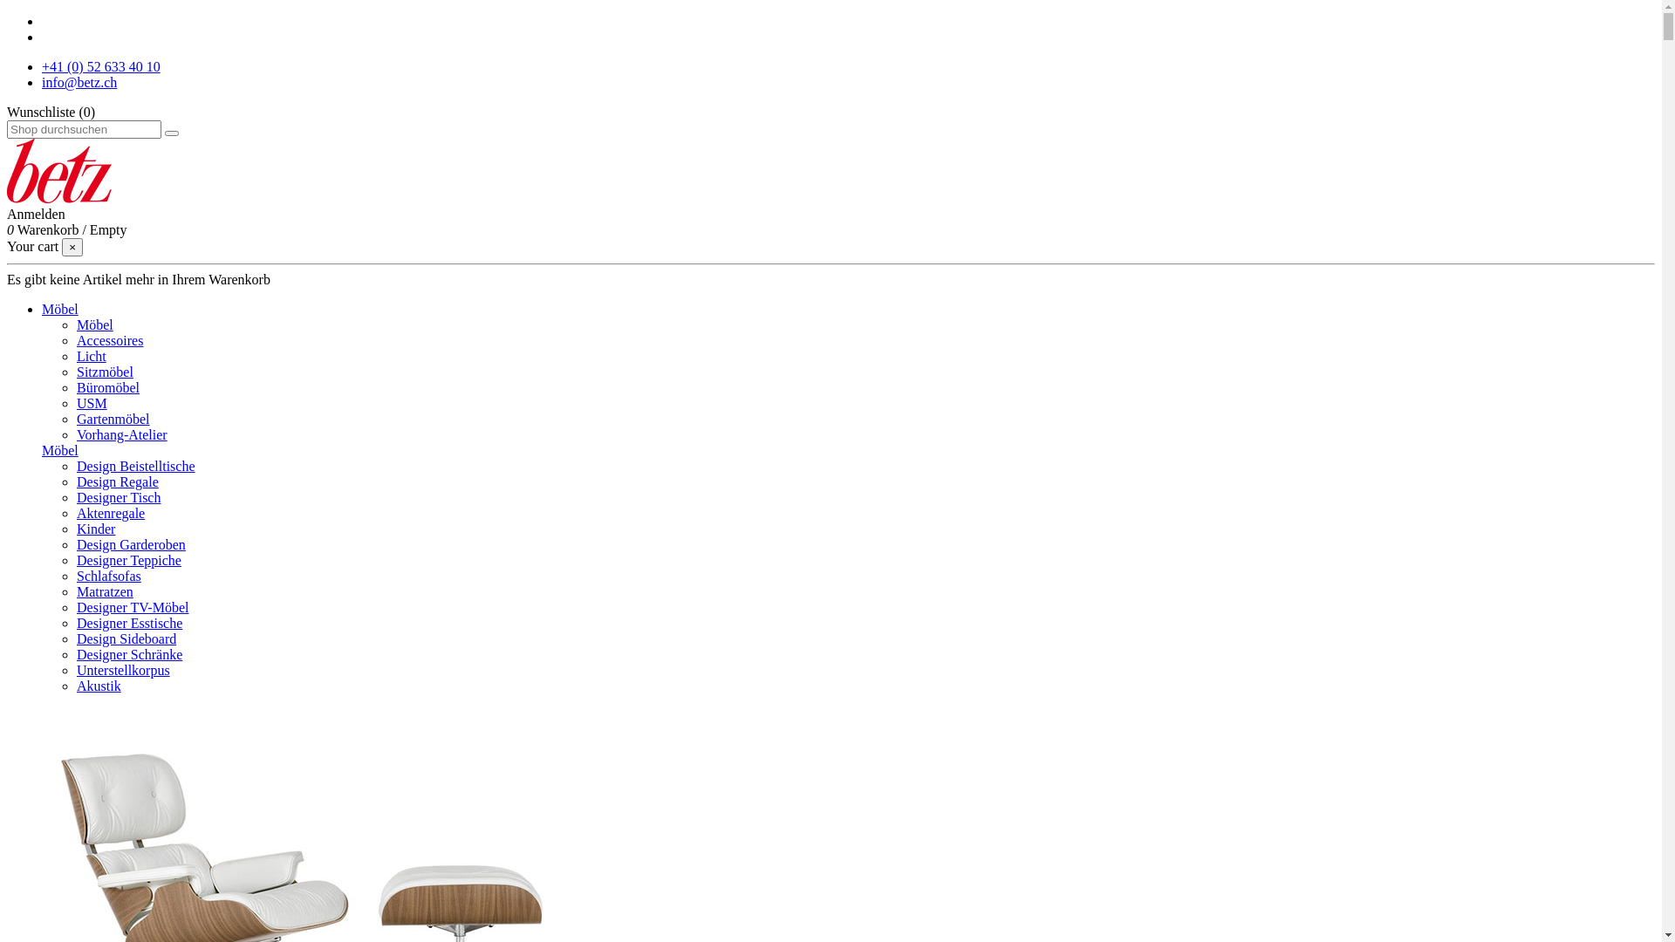  I want to click on '0 Warenkorb / Empty', so click(66, 229).